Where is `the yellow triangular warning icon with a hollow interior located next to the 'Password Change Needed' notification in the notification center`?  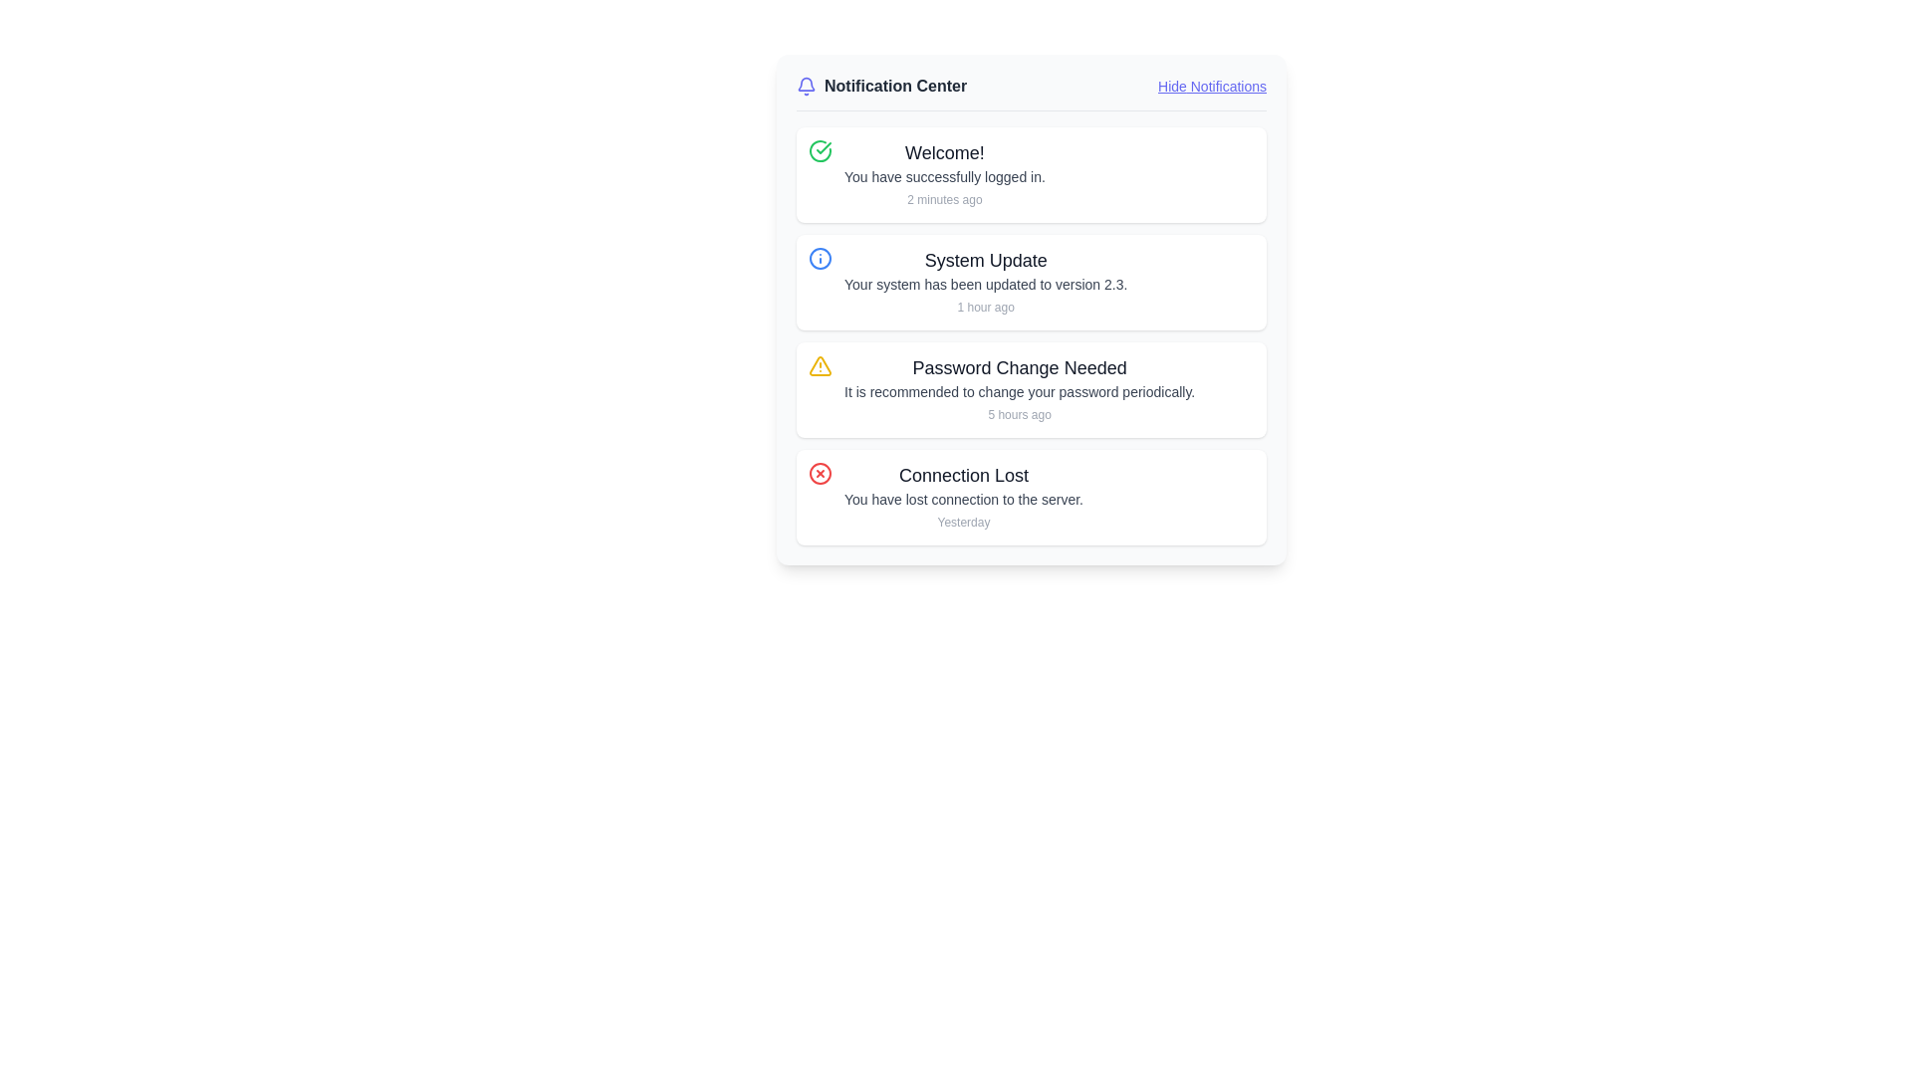
the yellow triangular warning icon with a hollow interior located next to the 'Password Change Needed' notification in the notification center is located at coordinates (821, 365).